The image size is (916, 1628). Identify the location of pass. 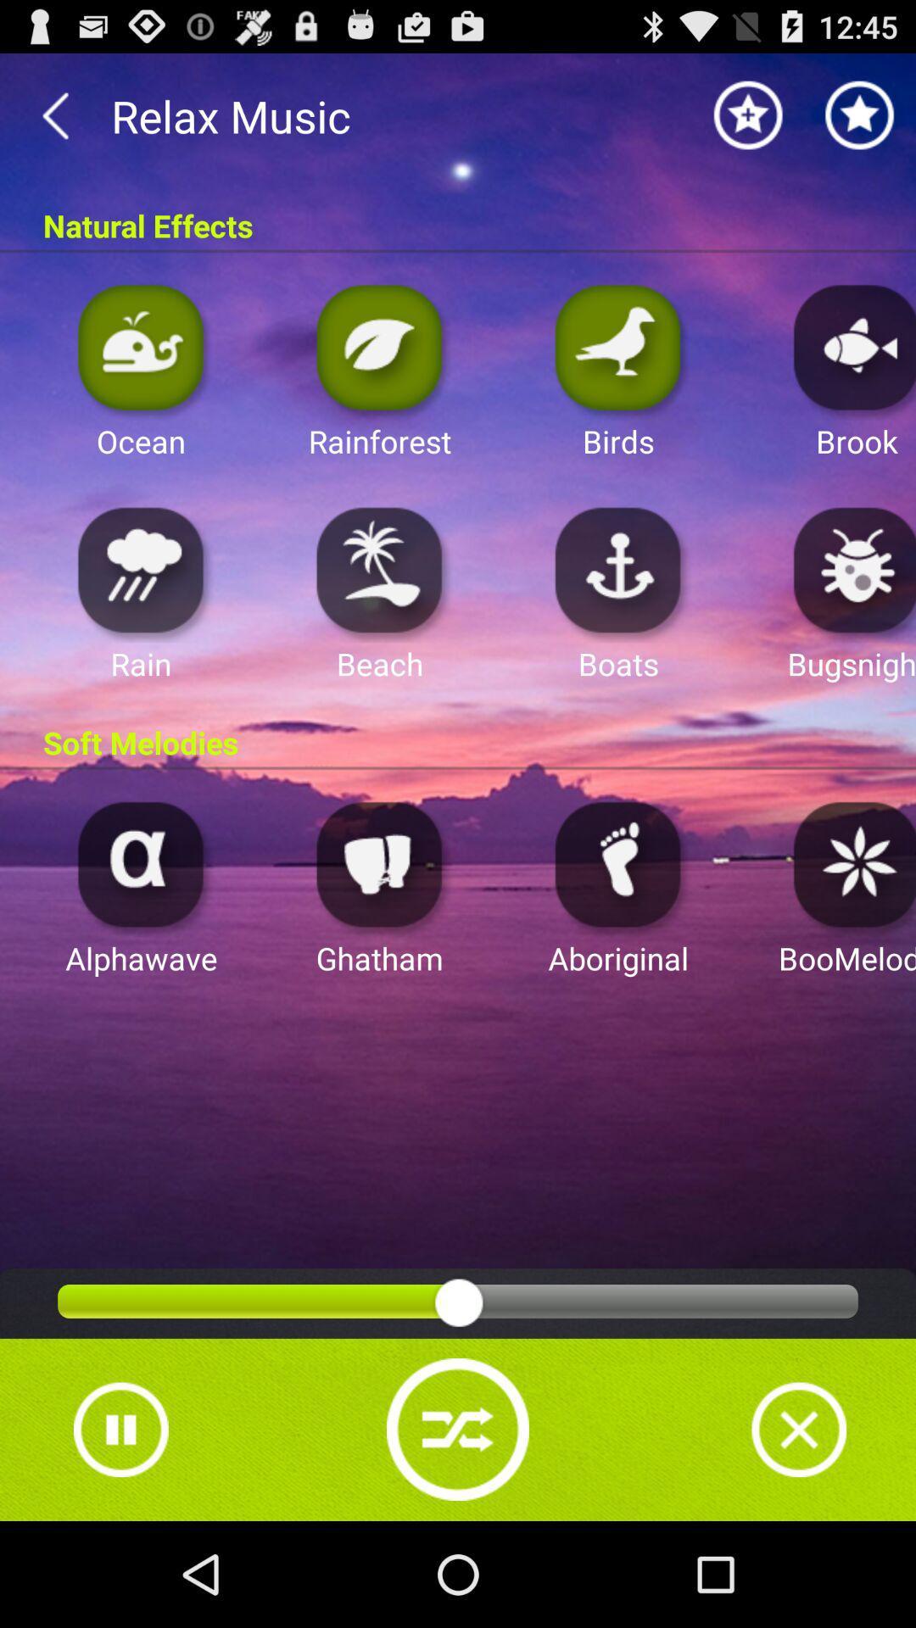
(120, 1429).